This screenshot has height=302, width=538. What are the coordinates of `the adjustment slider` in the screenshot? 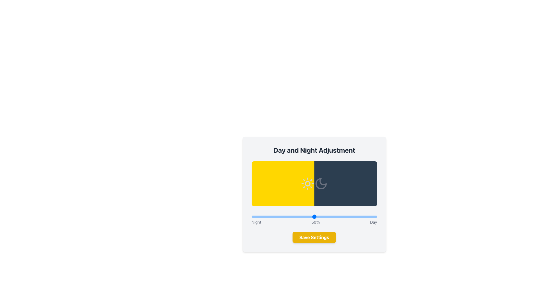 It's located at (372, 216).